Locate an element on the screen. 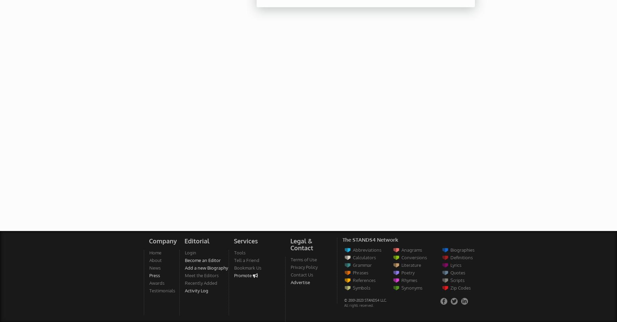 The height and width of the screenshot is (322, 617). 'Literature' is located at coordinates (401, 264).